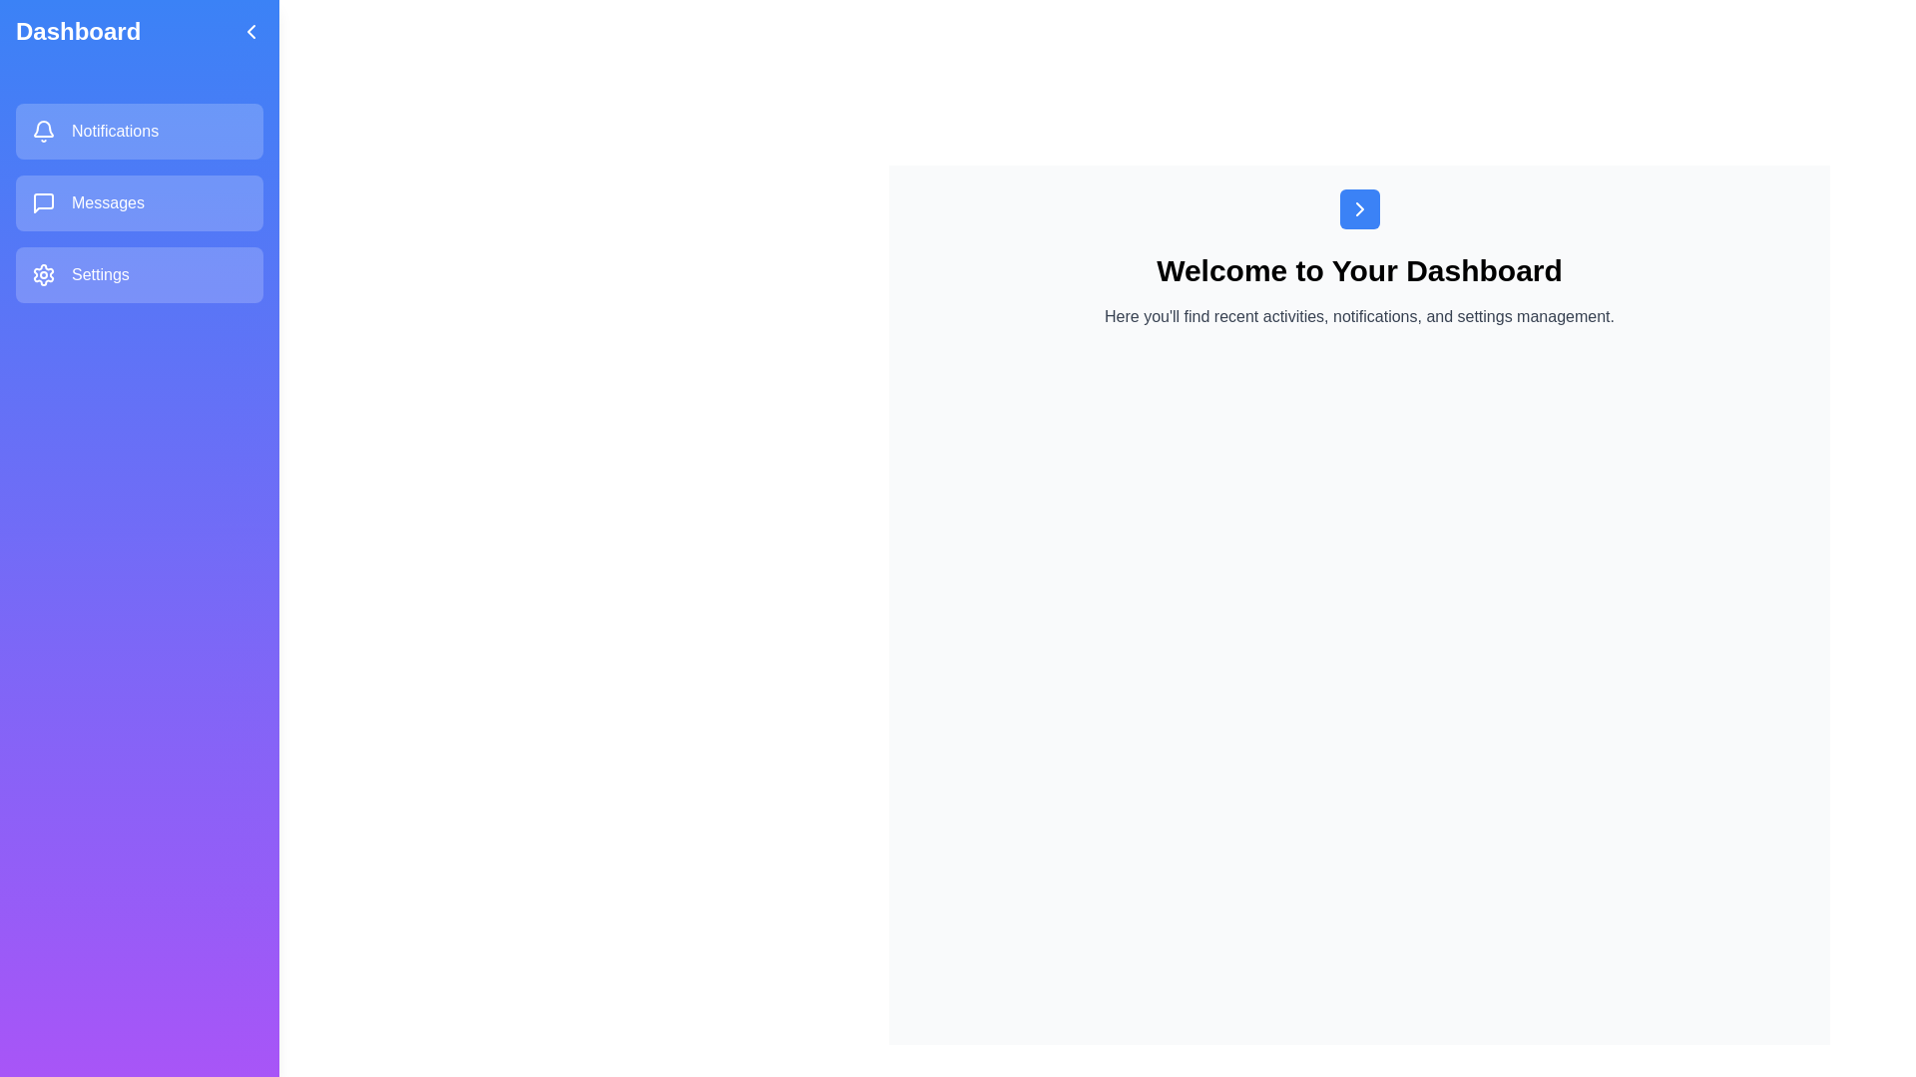  Describe the element at coordinates (138, 131) in the screenshot. I see `the menu option Notifications from the sidebar` at that location.